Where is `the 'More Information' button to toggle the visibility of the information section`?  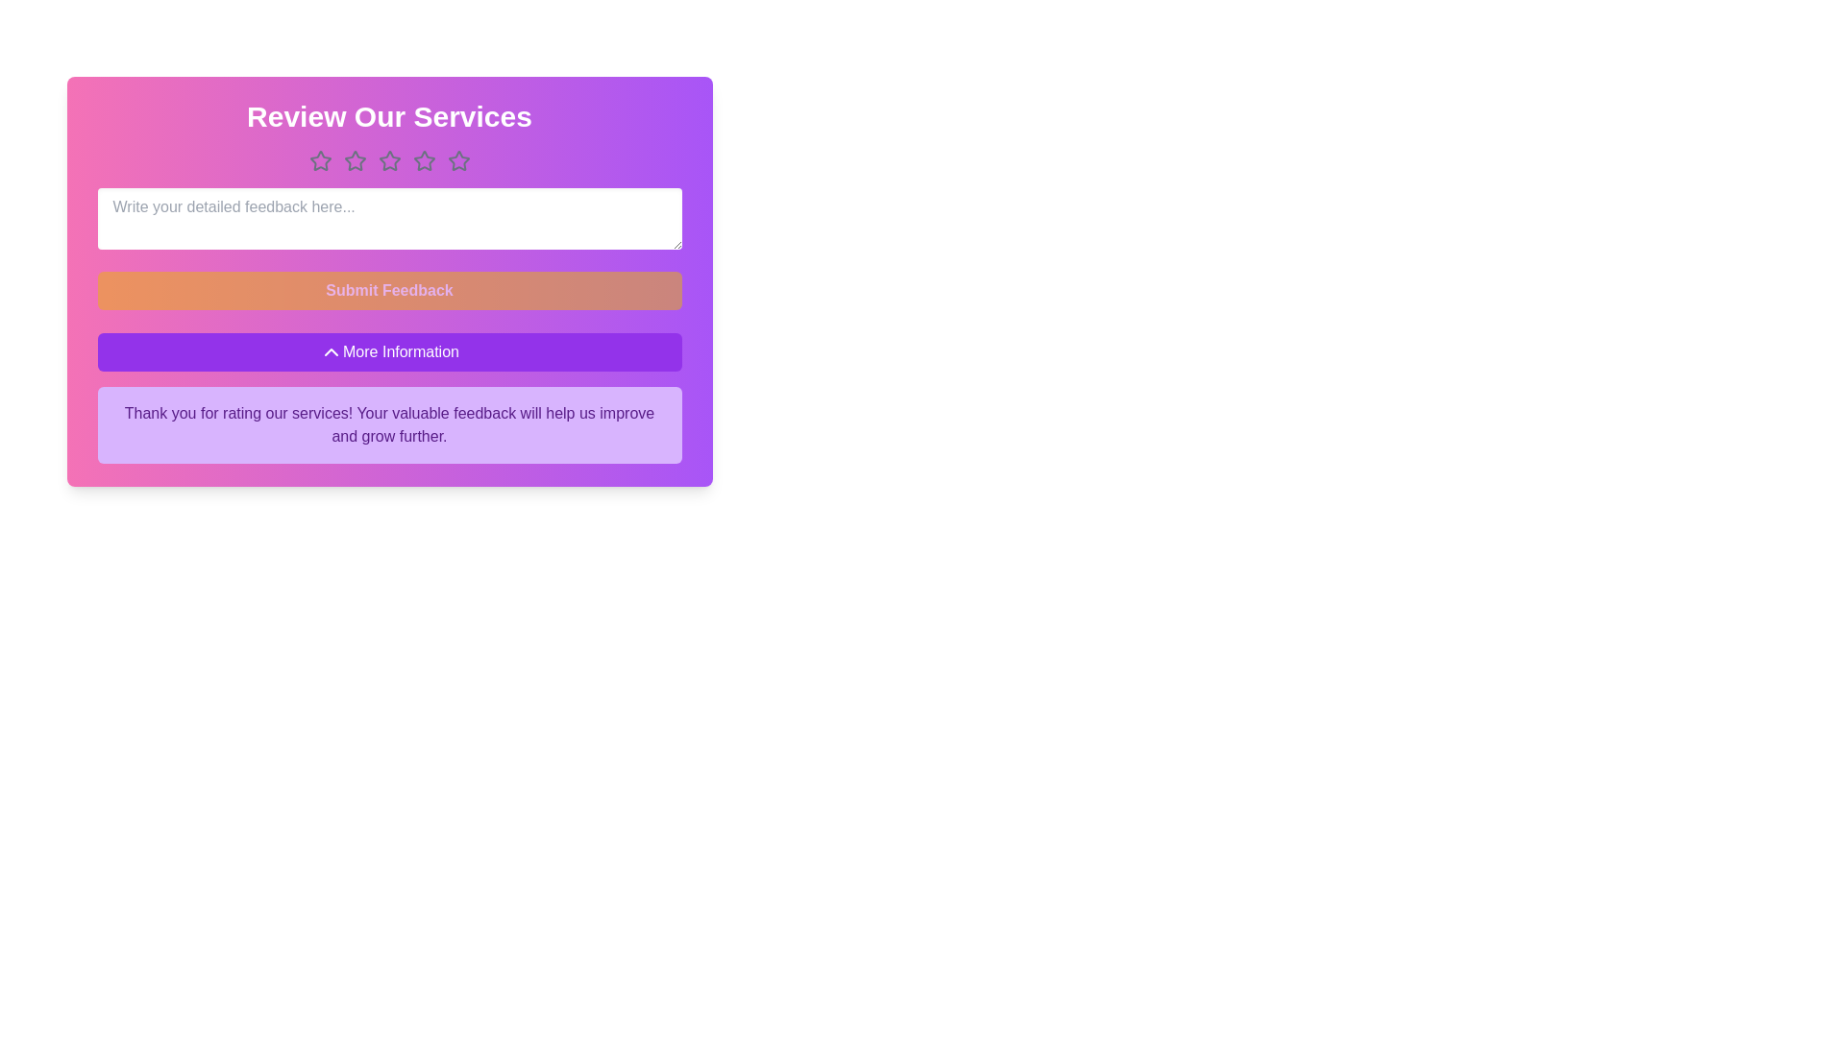 the 'More Information' button to toggle the visibility of the information section is located at coordinates (388, 351).